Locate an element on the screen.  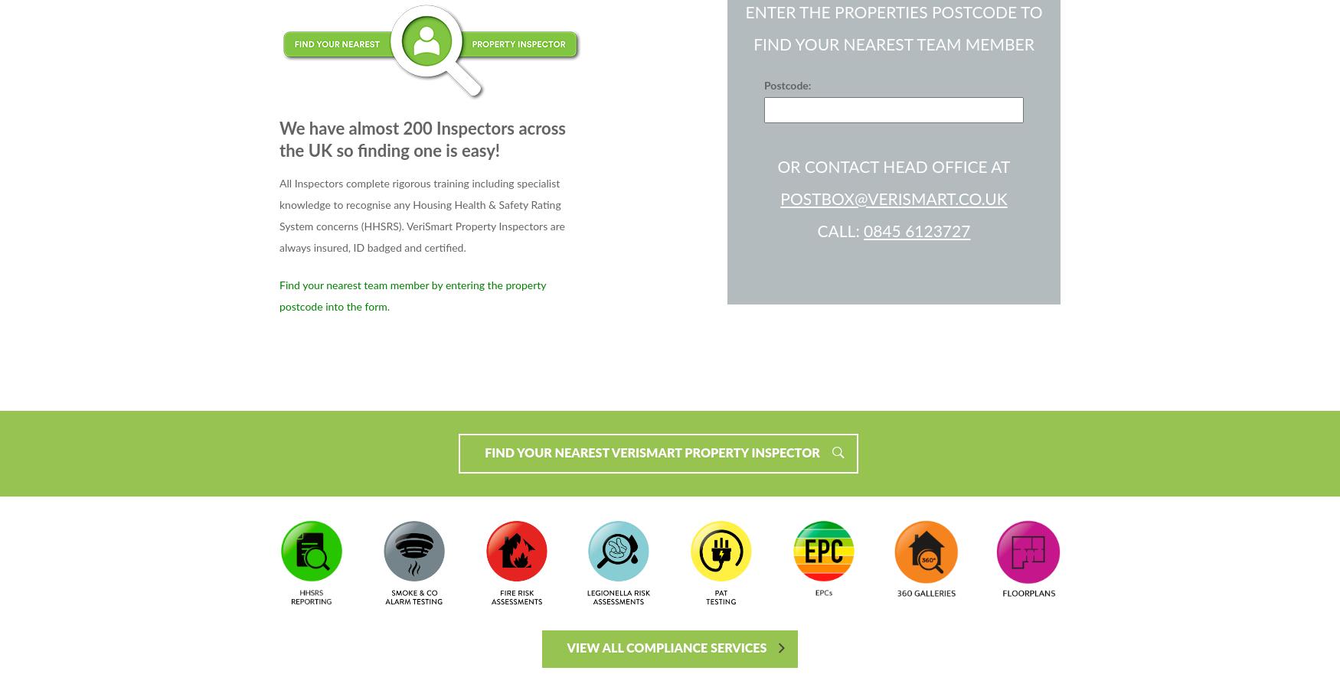
'VIEW ALL COMPLIANCE SERVICES' is located at coordinates (666, 647).